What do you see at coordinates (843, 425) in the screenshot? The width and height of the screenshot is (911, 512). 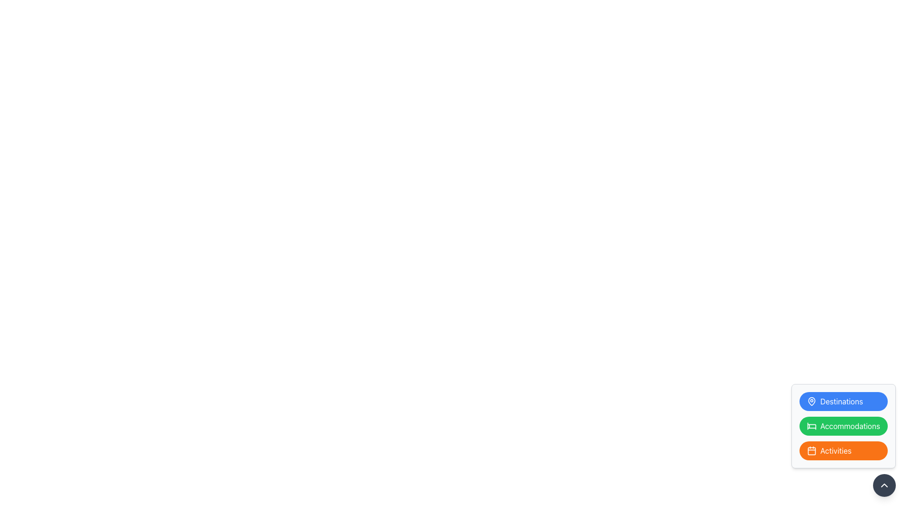 I see `the green rectangular button labeled 'Accommodations' with a bed icon on the left` at bounding box center [843, 425].